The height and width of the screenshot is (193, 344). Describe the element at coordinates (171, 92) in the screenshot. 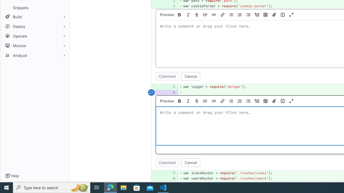

I see `'6'` at that location.